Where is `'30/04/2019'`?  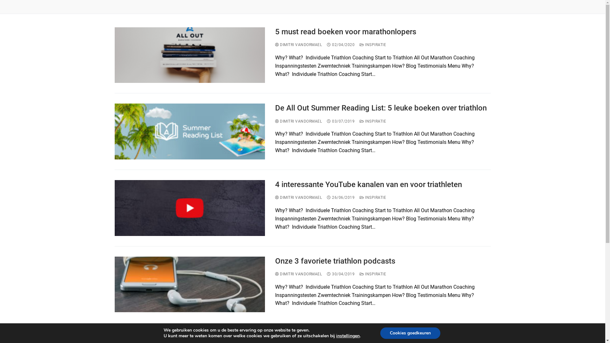 '30/04/2019' is located at coordinates (340, 274).